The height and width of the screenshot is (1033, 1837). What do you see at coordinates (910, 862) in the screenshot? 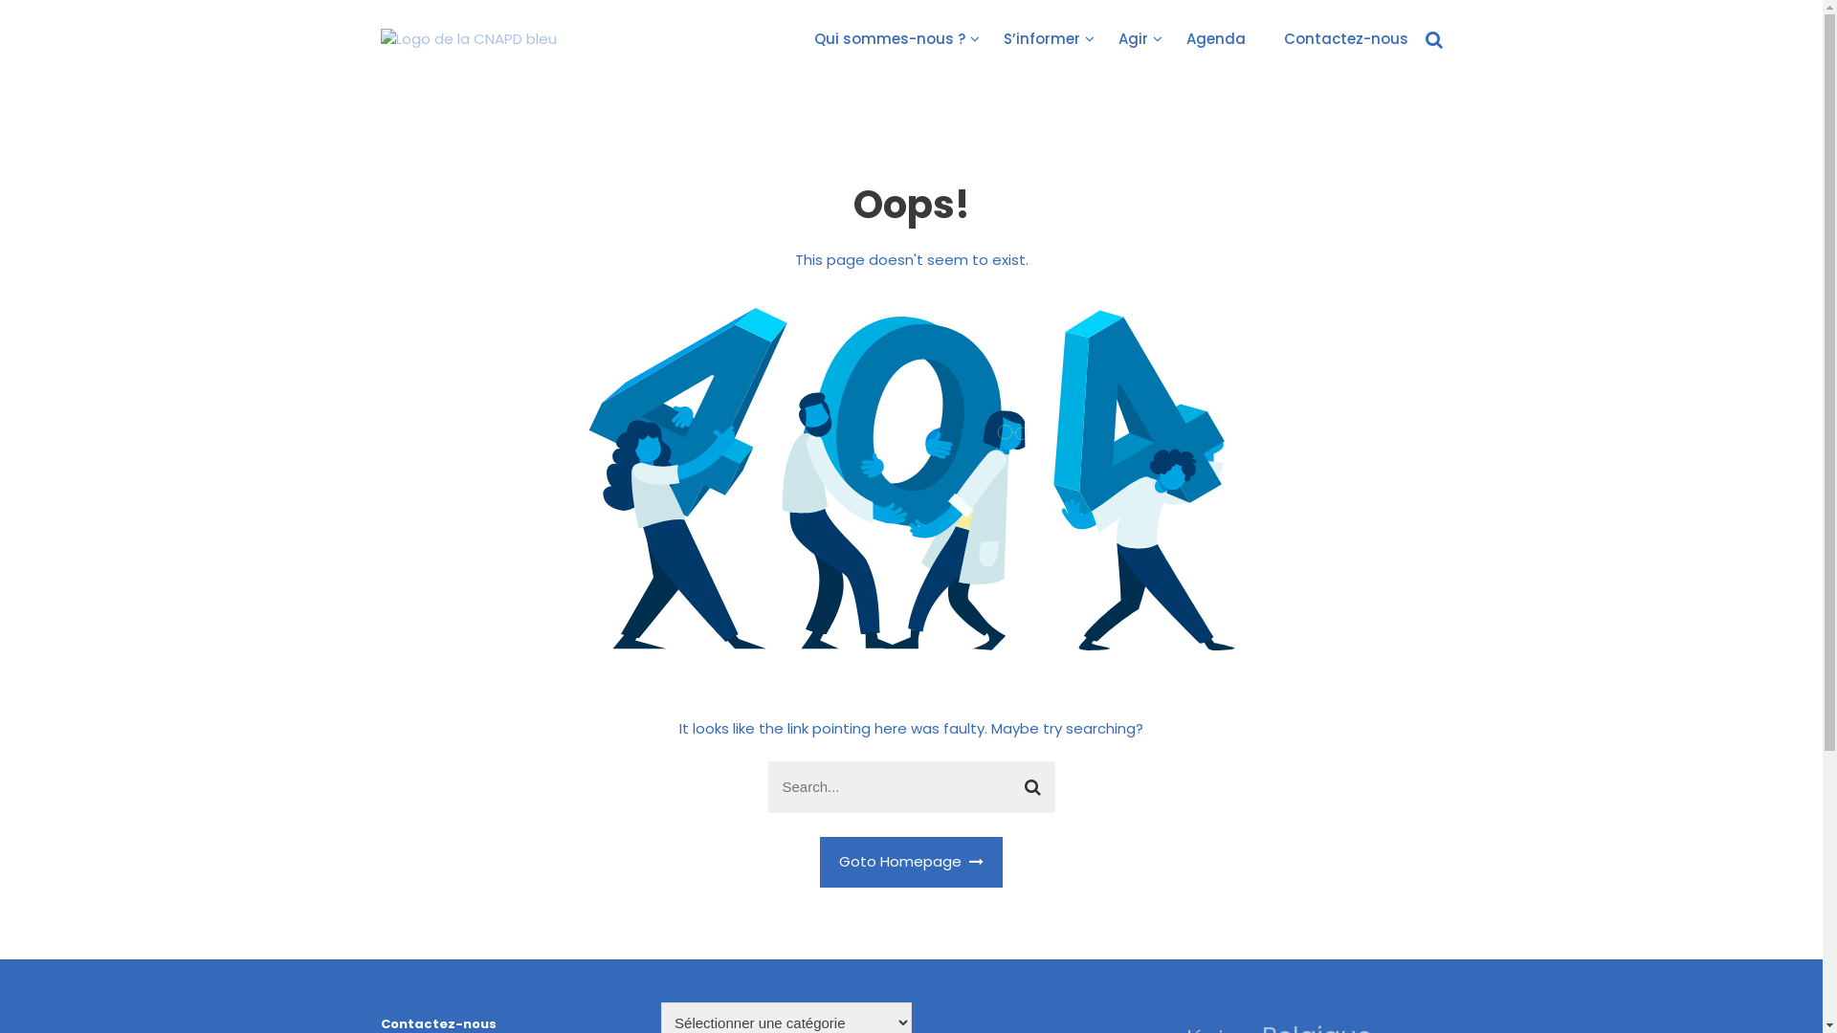
I see `'Goto Homepage'` at bounding box center [910, 862].